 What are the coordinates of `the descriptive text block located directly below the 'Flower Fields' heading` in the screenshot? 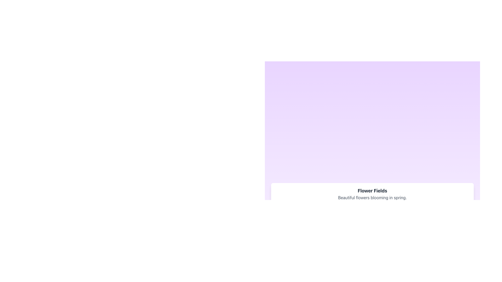 It's located at (372, 197).